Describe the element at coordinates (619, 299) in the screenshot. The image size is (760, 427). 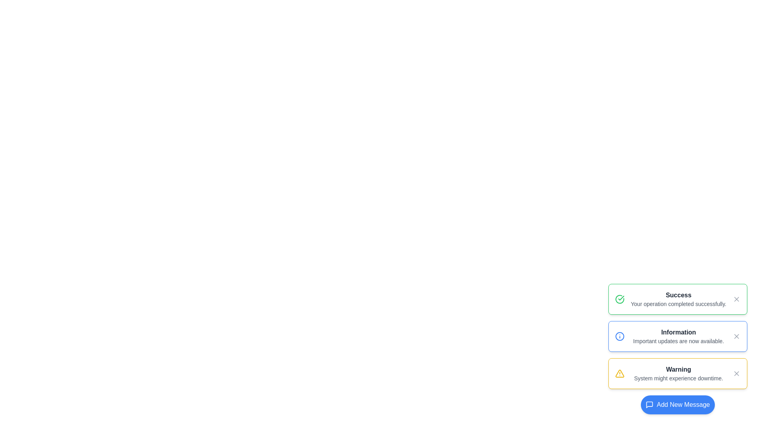
I see `the green circular icon with a checkmark, located at the leftmost point of the 'Success' notification box, preceding the bold 'Success' title` at that location.